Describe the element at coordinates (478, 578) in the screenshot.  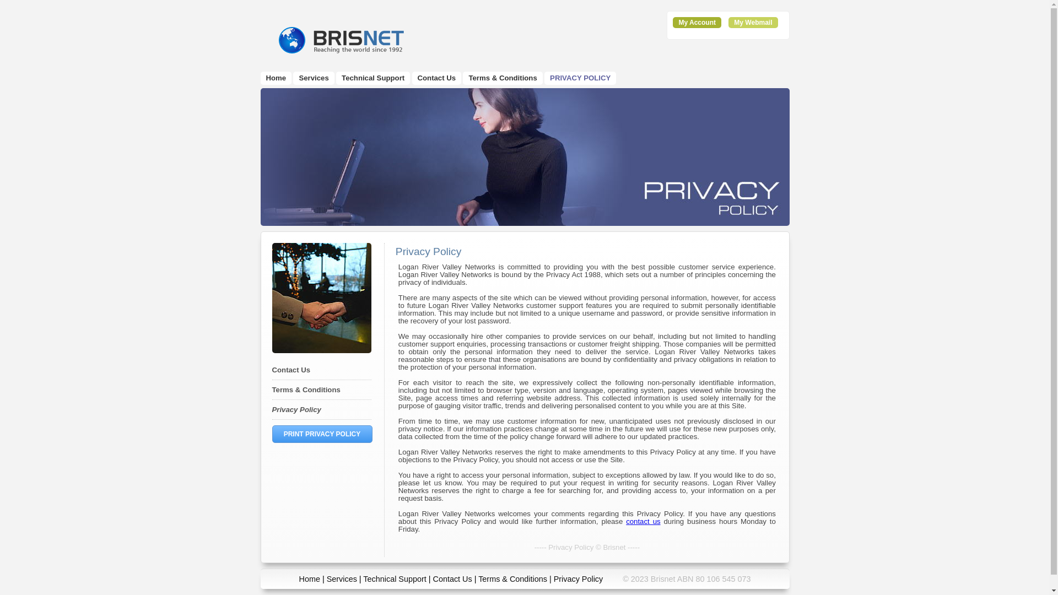
I see `'Terms & Conditions |'` at that location.